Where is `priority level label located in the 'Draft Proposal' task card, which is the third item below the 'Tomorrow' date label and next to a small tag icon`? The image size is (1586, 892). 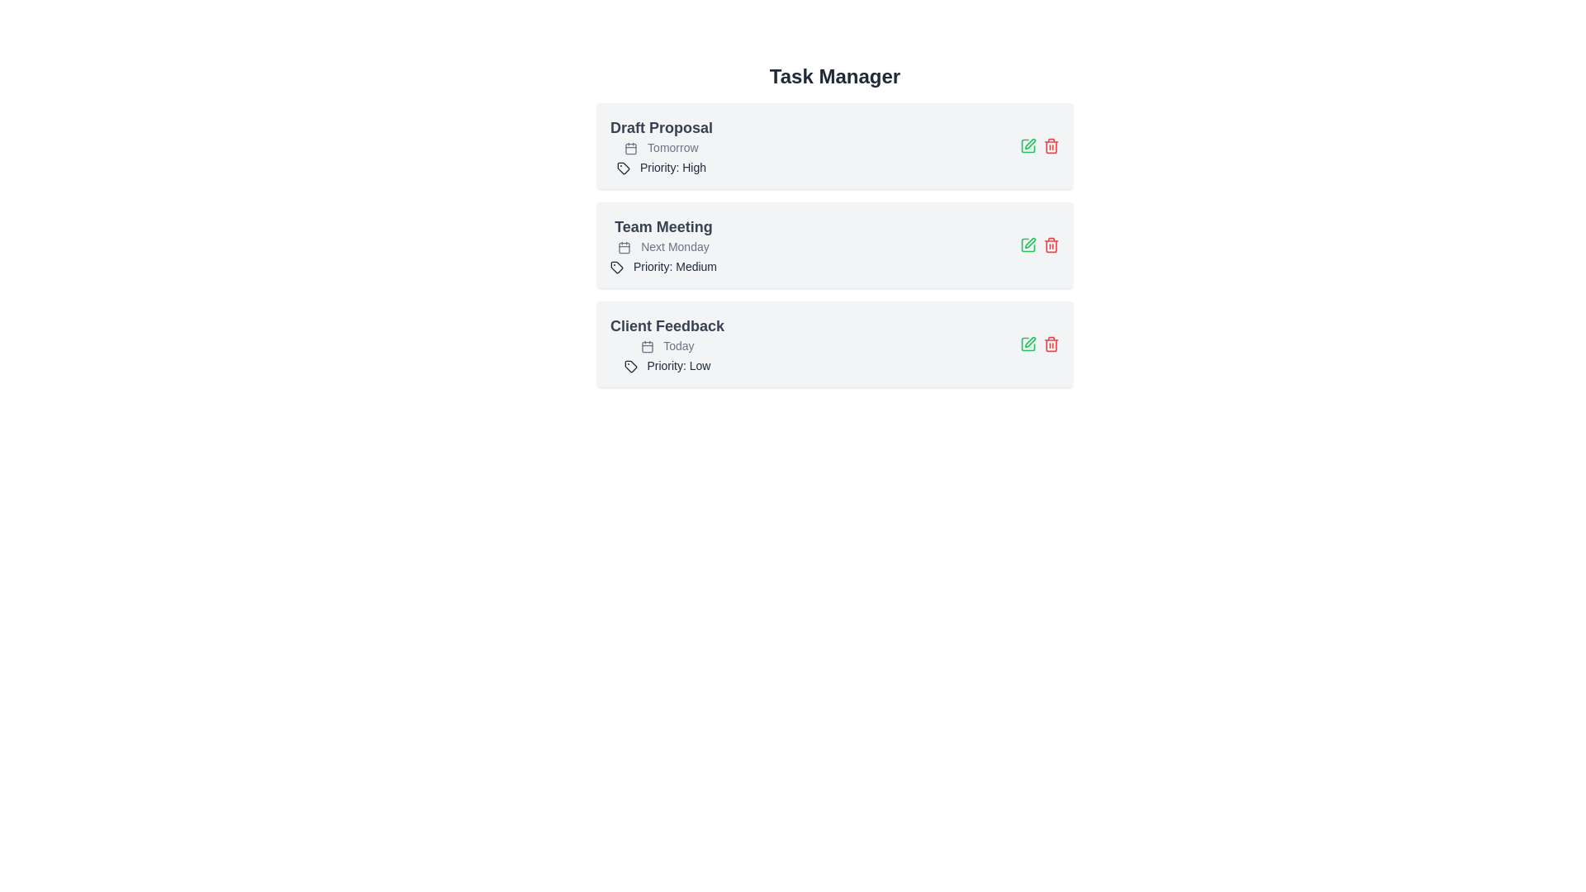
priority level label located in the 'Draft Proposal' task card, which is the third item below the 'Tomorrow' date label and next to a small tag icon is located at coordinates (662, 168).